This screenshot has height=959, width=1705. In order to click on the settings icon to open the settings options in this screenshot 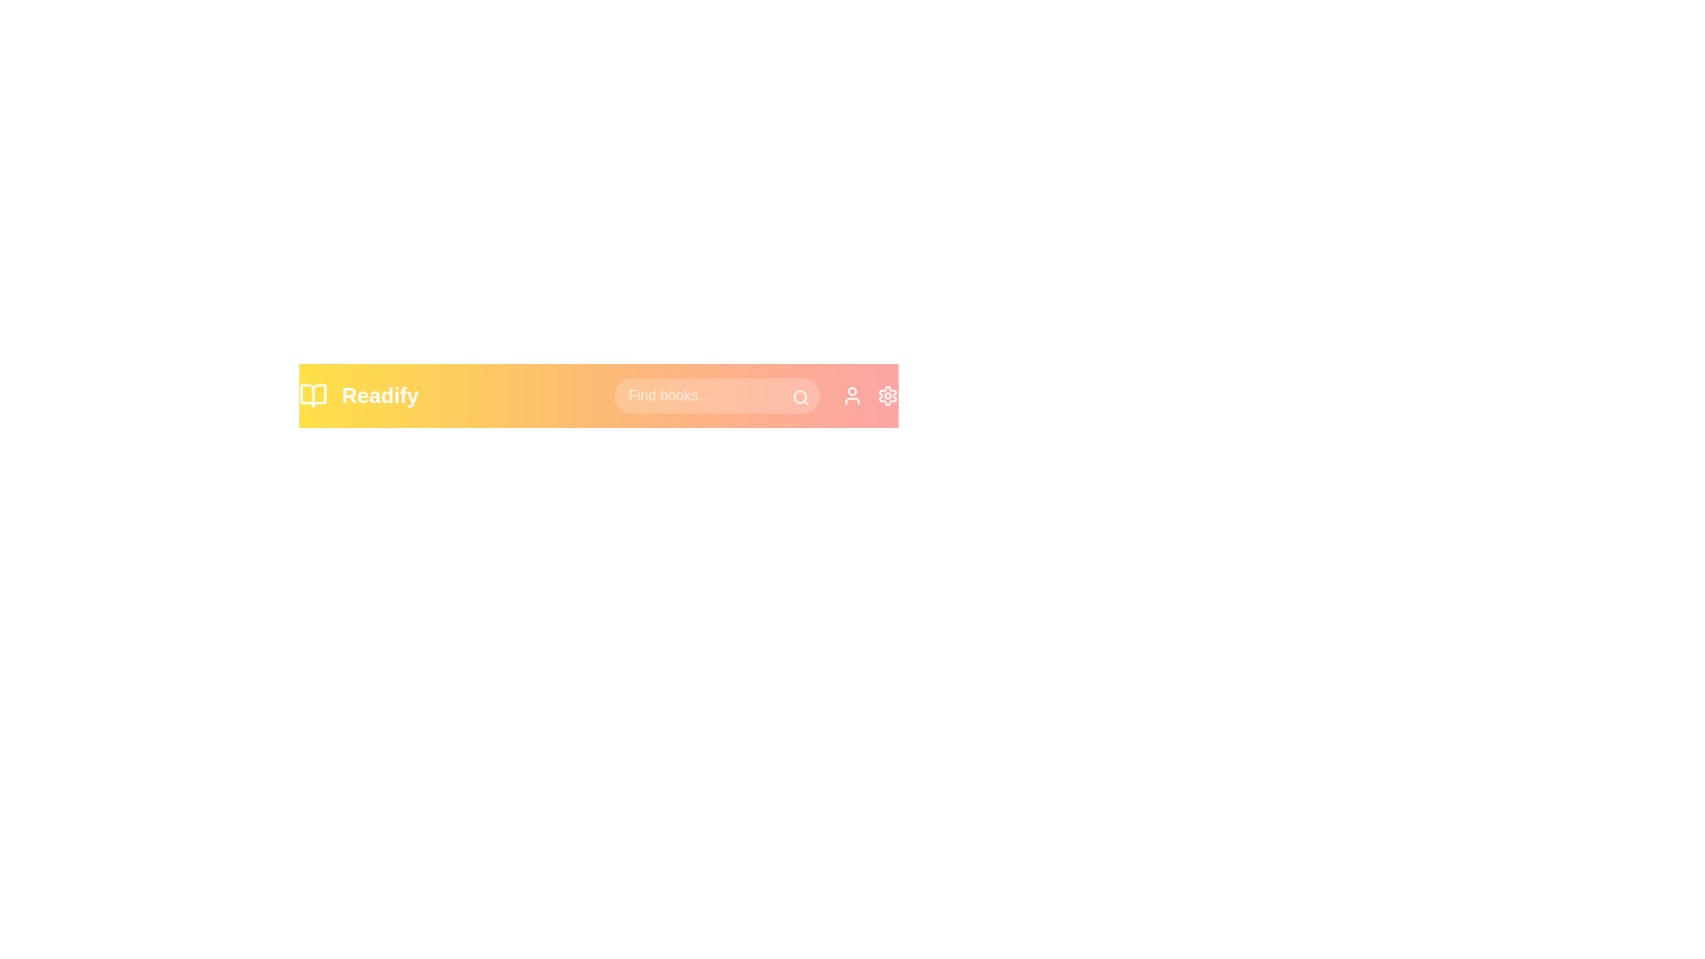, I will do `click(887, 395)`.